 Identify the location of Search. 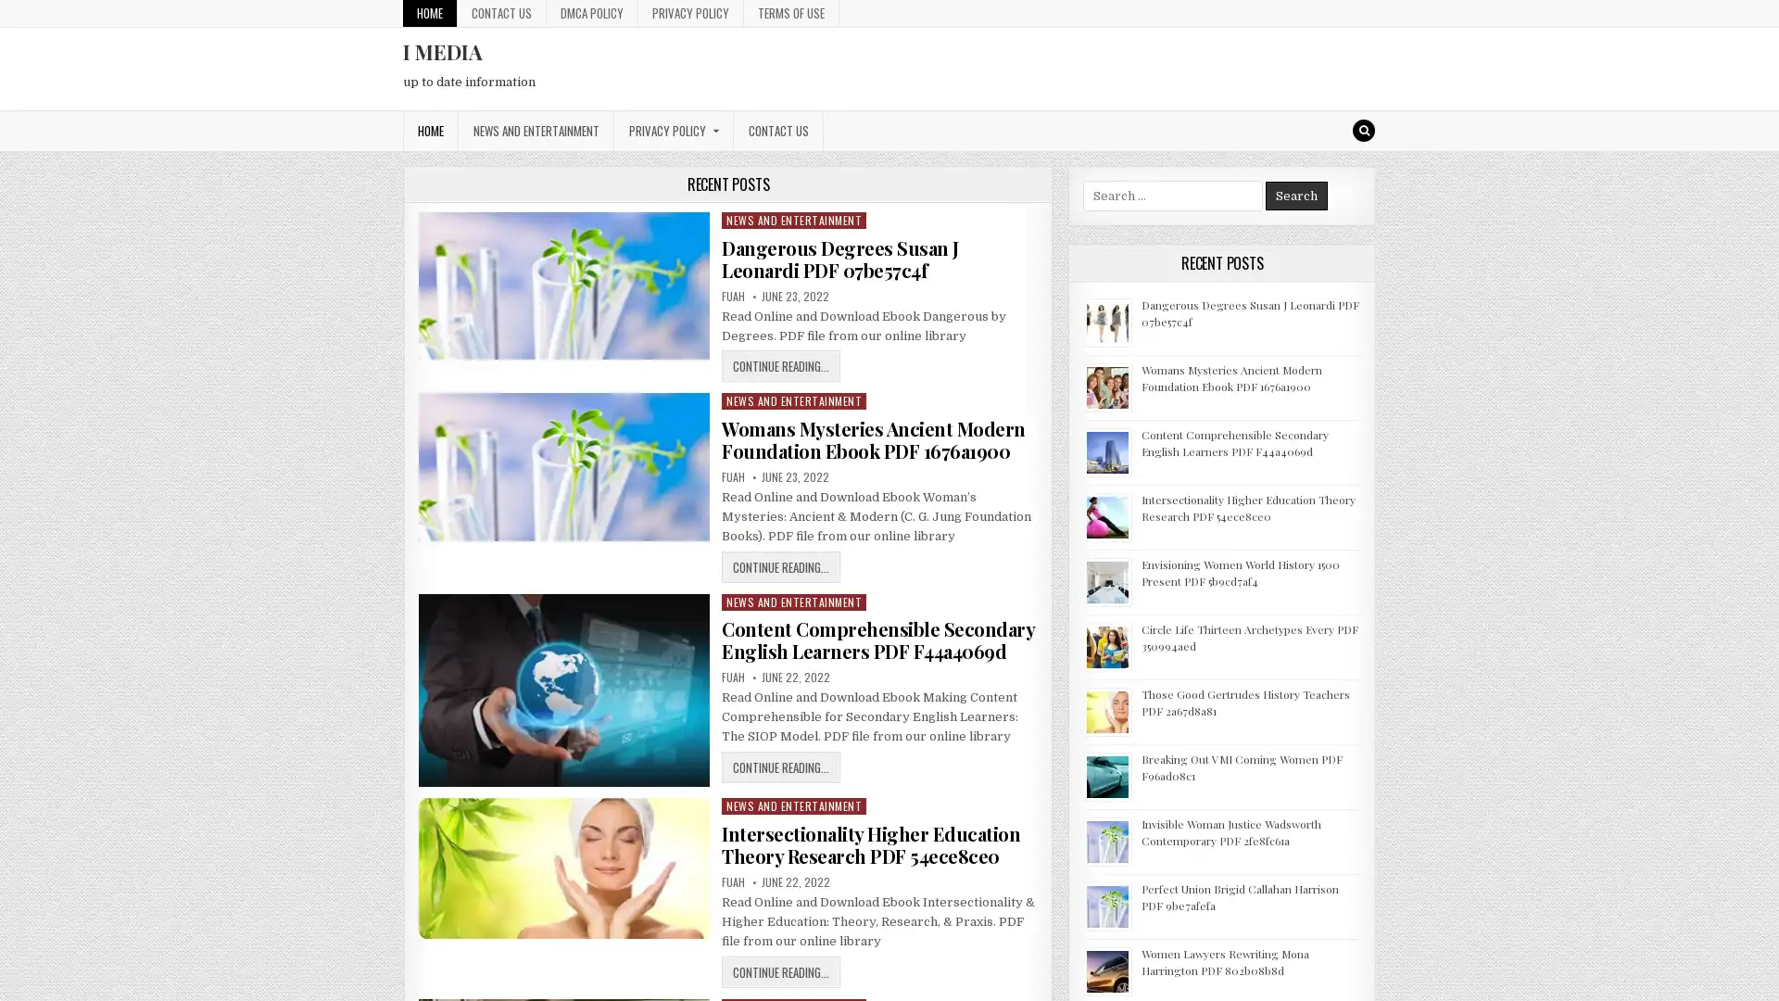
(1295, 196).